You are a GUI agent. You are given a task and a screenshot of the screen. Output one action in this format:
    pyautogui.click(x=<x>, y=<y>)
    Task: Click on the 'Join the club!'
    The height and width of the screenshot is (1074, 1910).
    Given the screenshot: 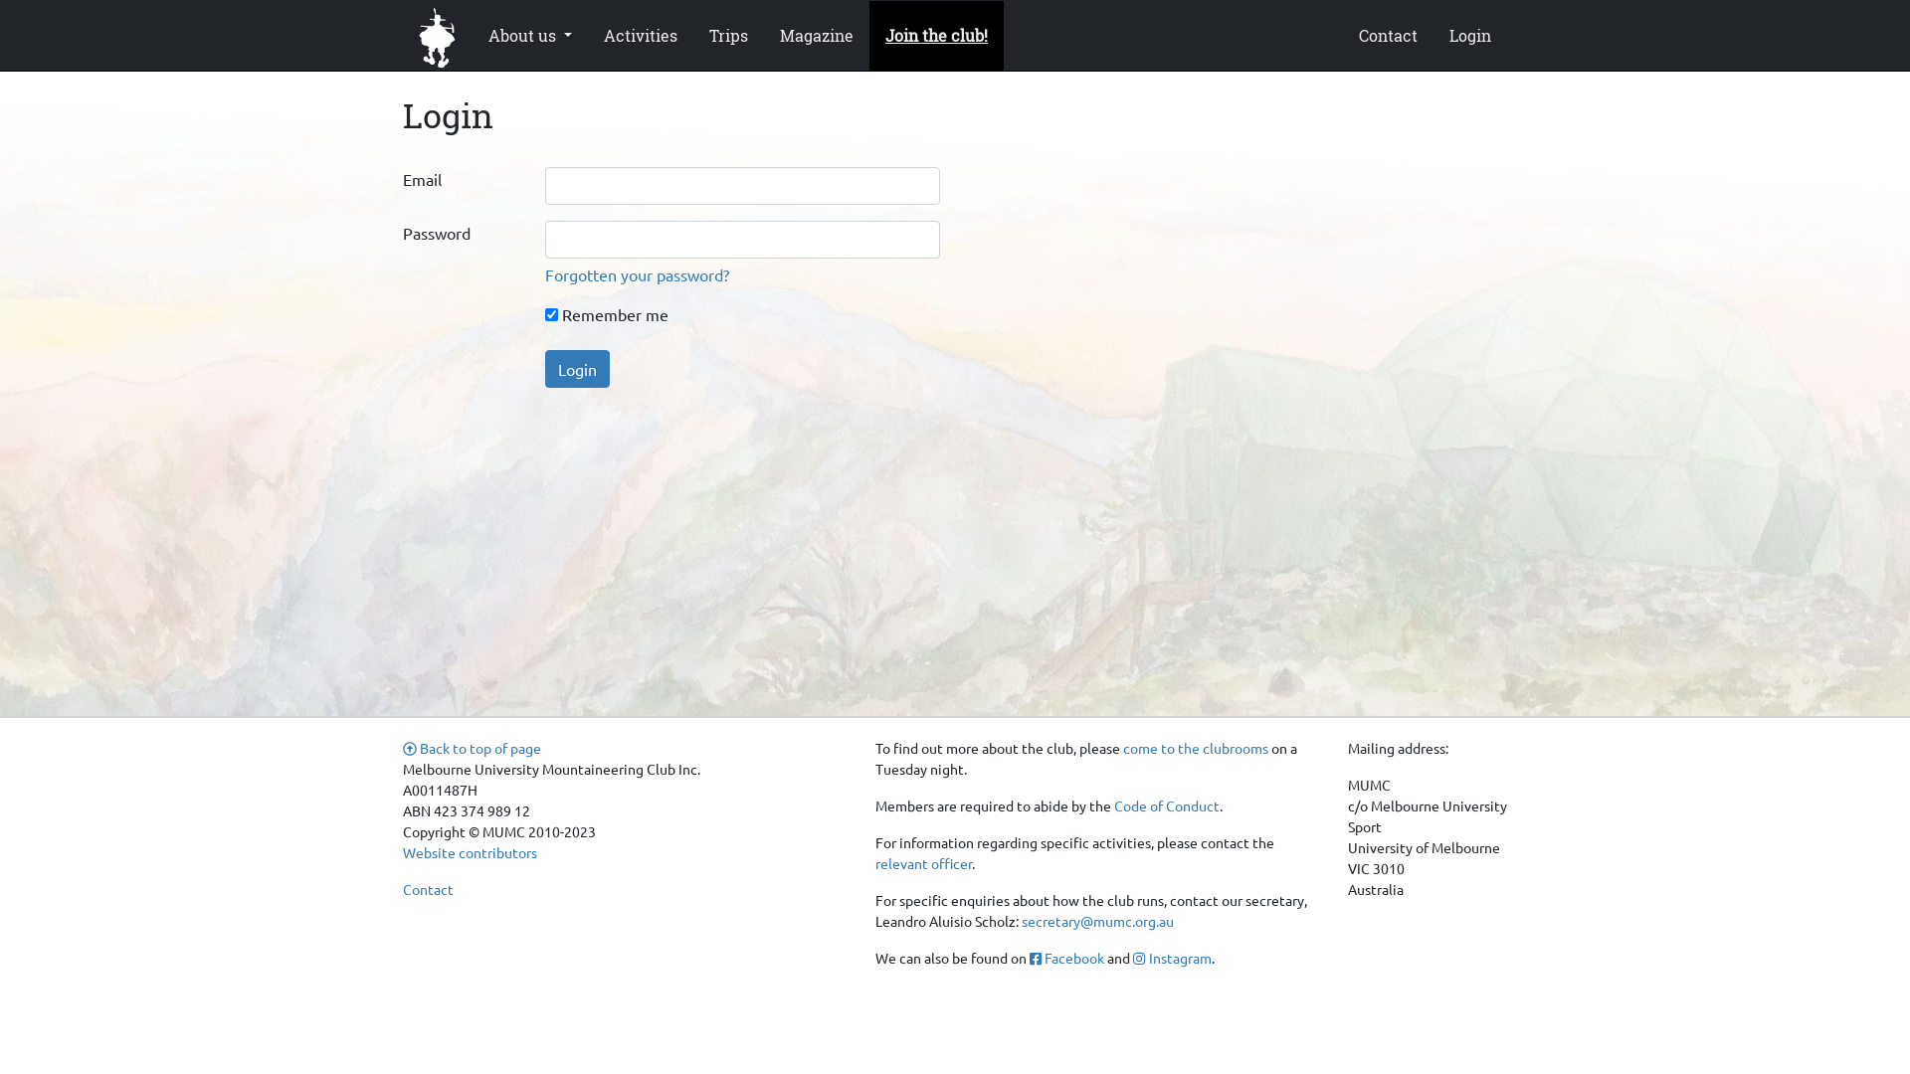 What is the action you would take?
    pyautogui.click(x=935, y=34)
    